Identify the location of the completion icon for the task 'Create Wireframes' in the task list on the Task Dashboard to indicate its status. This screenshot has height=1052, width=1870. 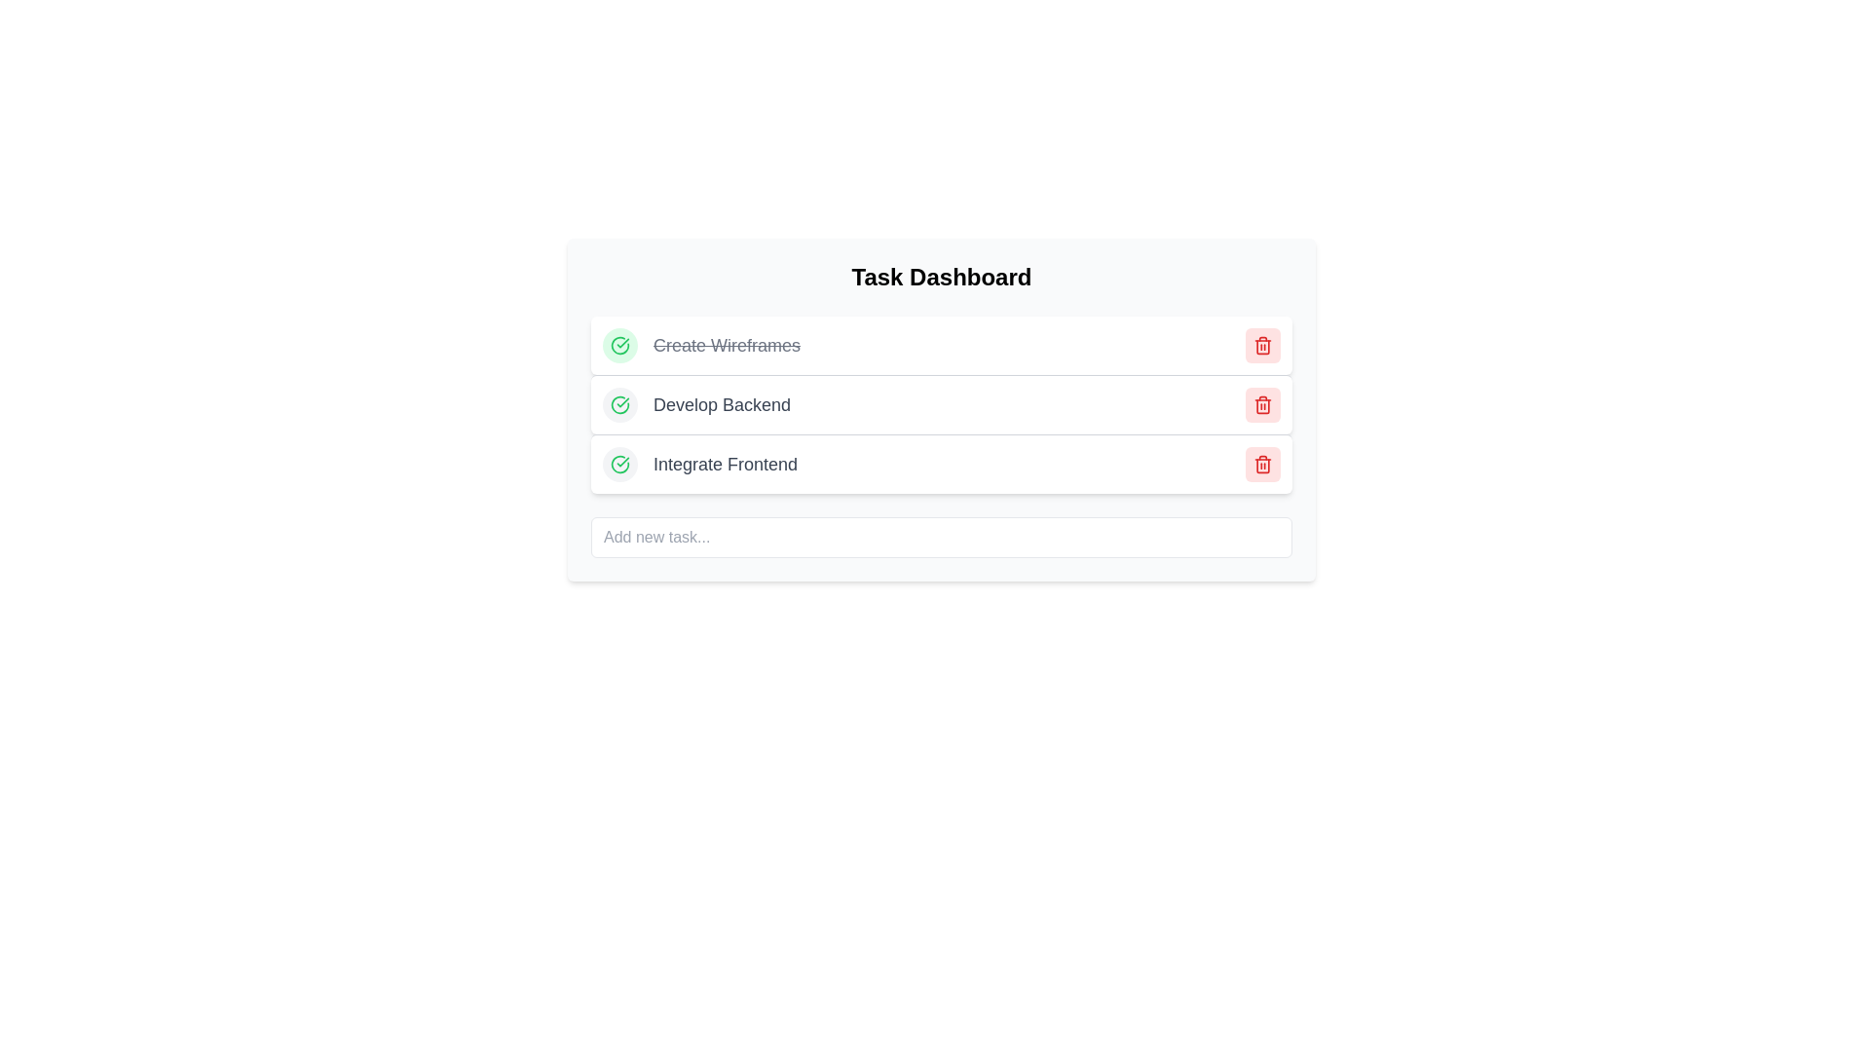
(619, 344).